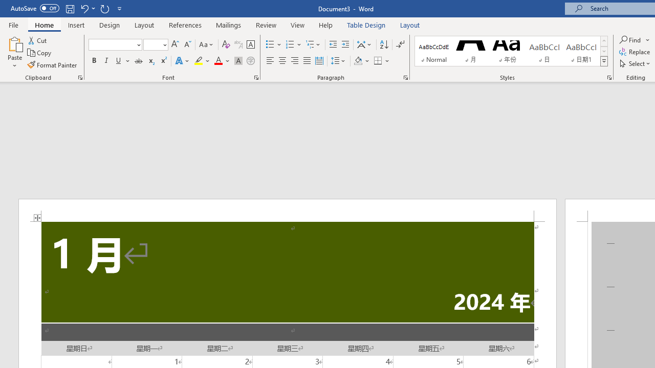 The image size is (655, 368). Describe the element at coordinates (287, 210) in the screenshot. I see `'Header -Section 1-'` at that location.